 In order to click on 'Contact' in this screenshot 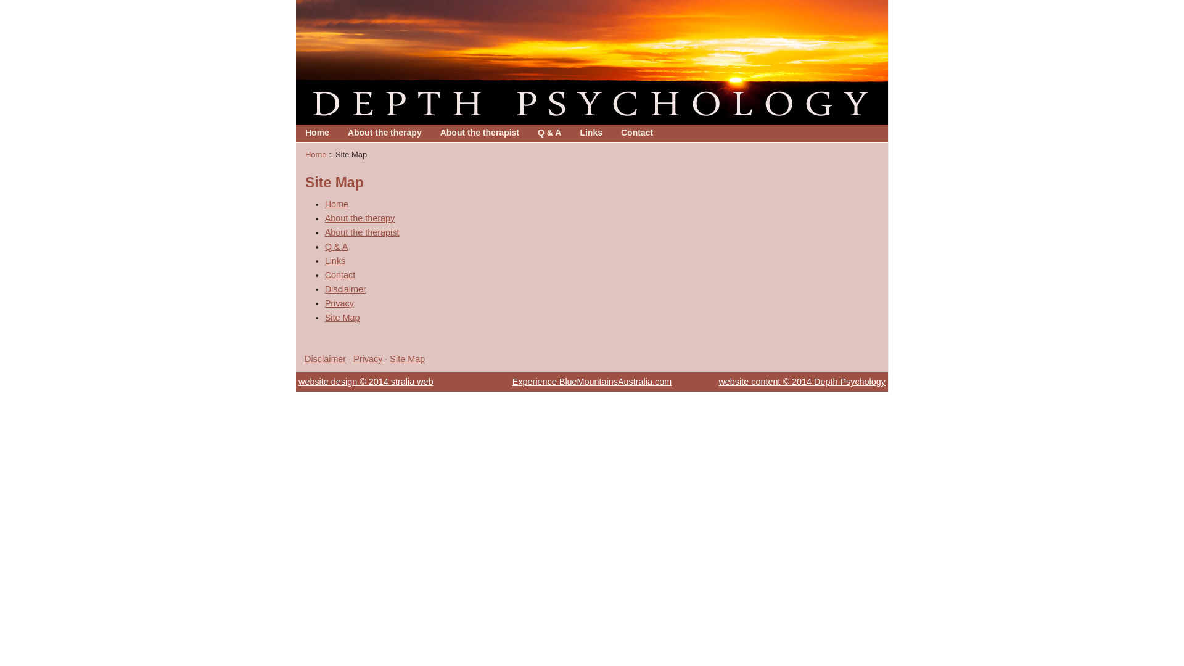, I will do `click(340, 274)`.